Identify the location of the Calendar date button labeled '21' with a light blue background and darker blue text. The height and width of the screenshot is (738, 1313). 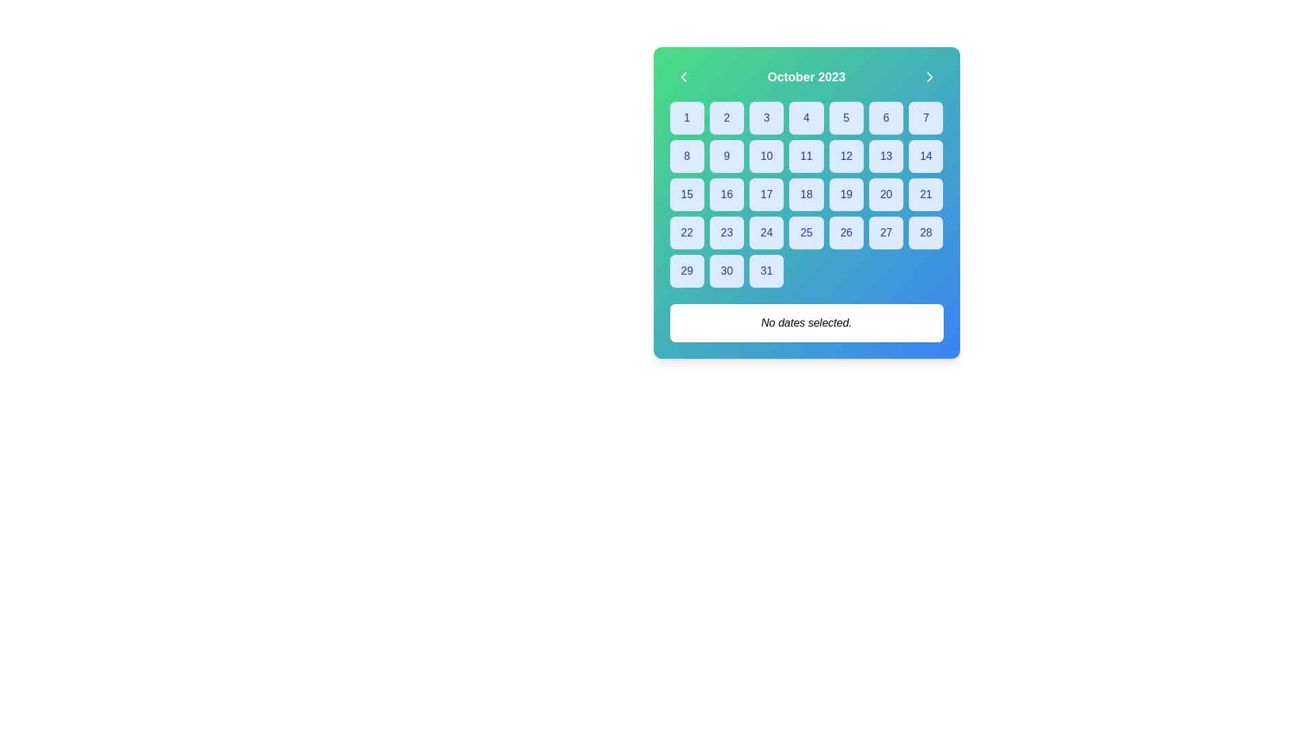
(926, 195).